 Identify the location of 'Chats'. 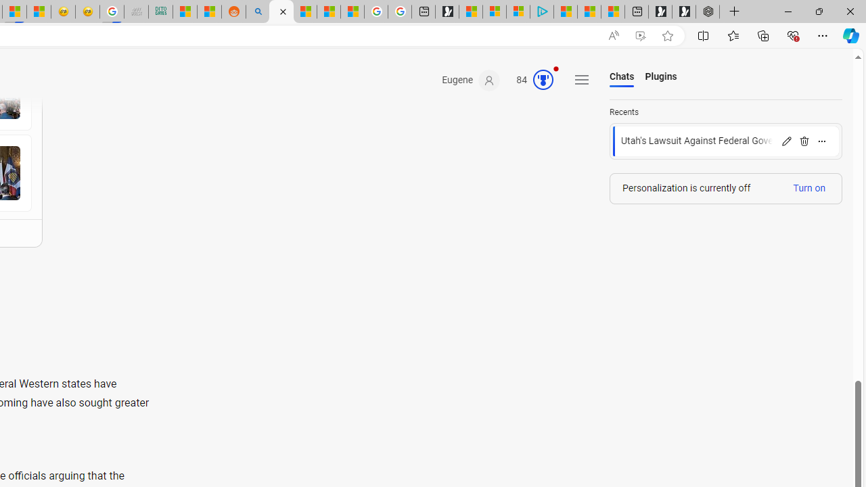
(621, 77).